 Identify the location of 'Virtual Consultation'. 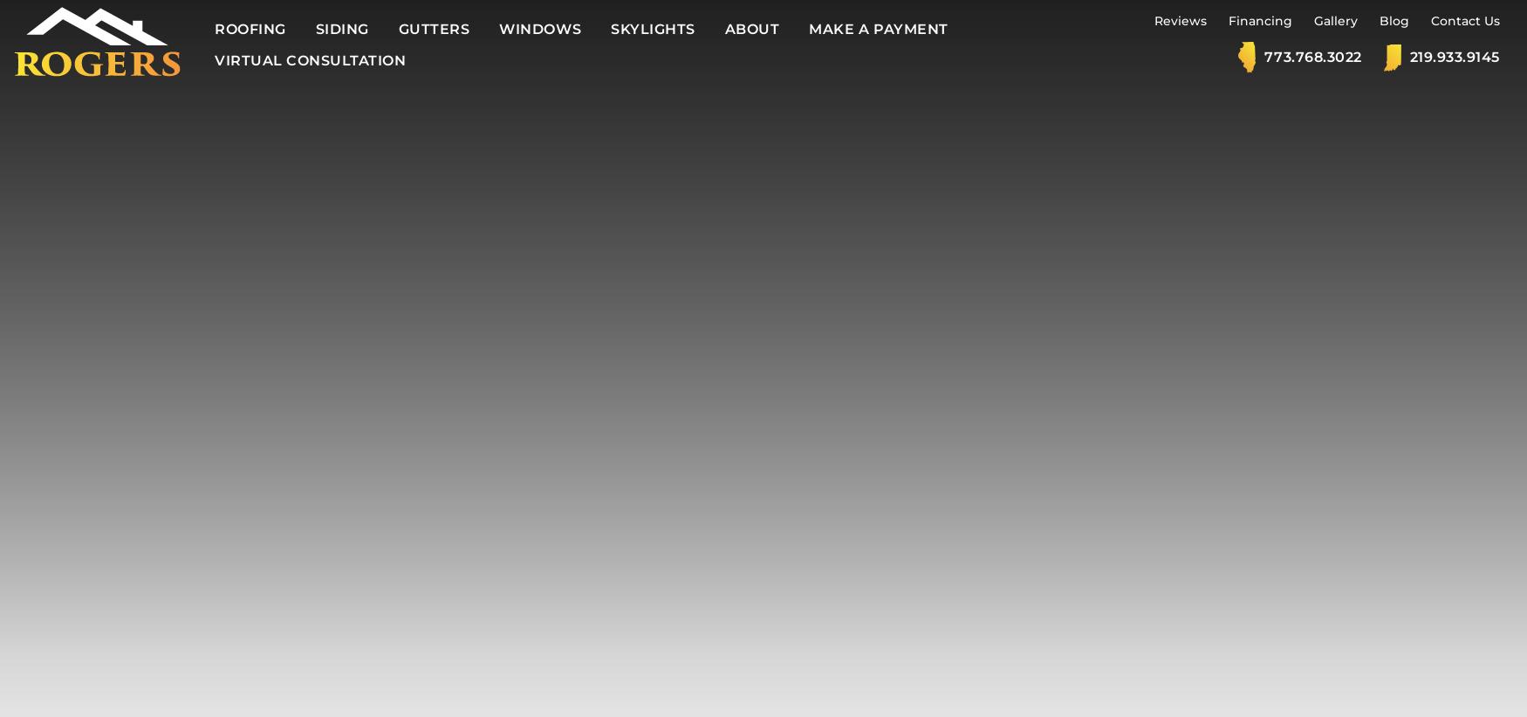
(310, 60).